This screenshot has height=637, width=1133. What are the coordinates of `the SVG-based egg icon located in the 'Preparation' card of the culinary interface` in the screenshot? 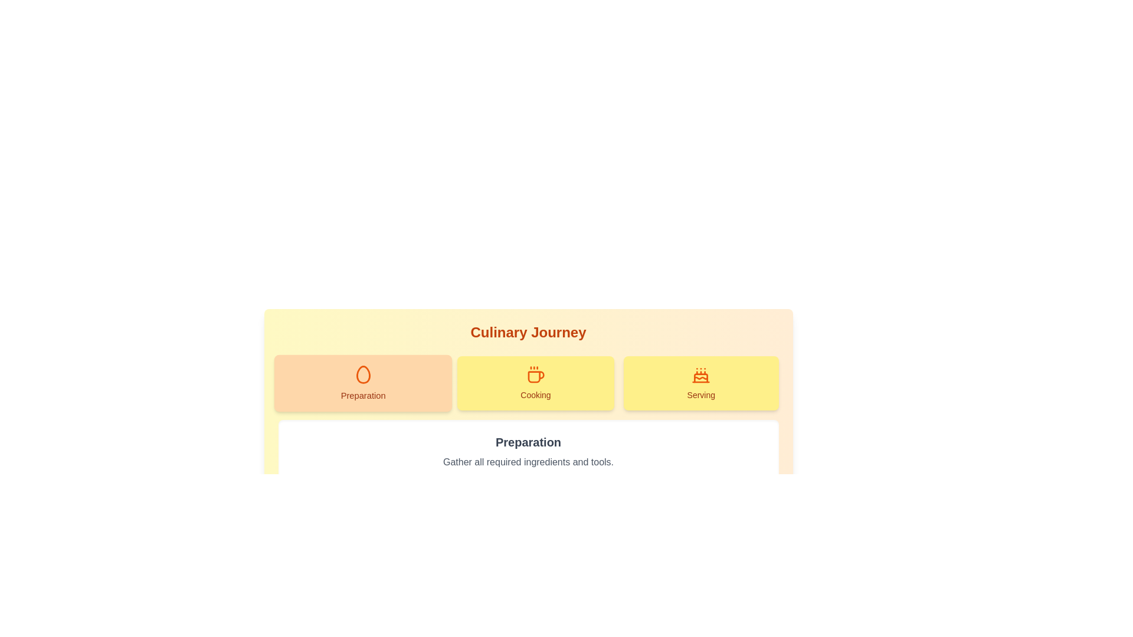 It's located at (362, 375).